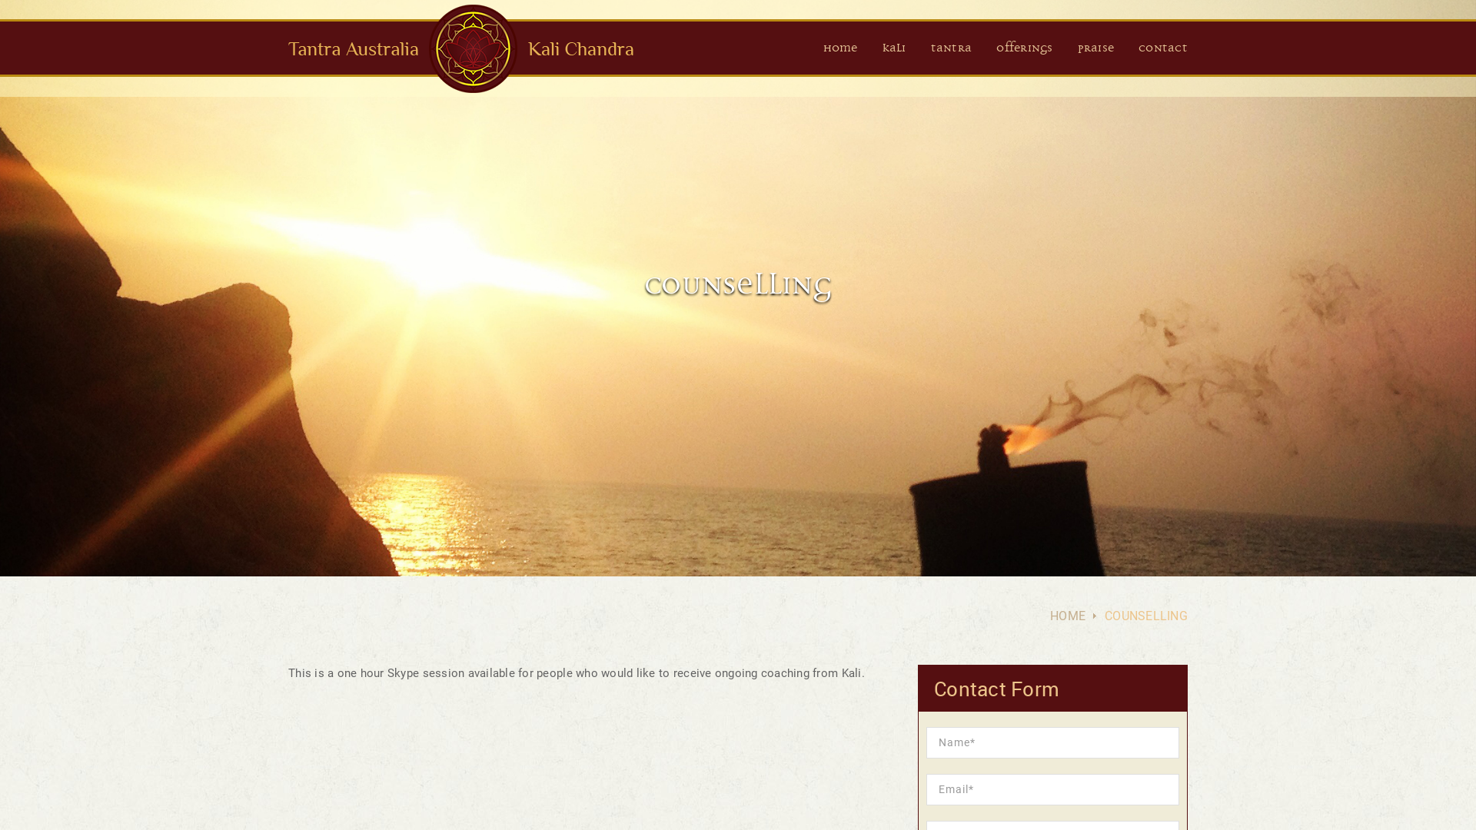 The image size is (1476, 830). What do you see at coordinates (1066, 615) in the screenshot?
I see `'HOME'` at bounding box center [1066, 615].